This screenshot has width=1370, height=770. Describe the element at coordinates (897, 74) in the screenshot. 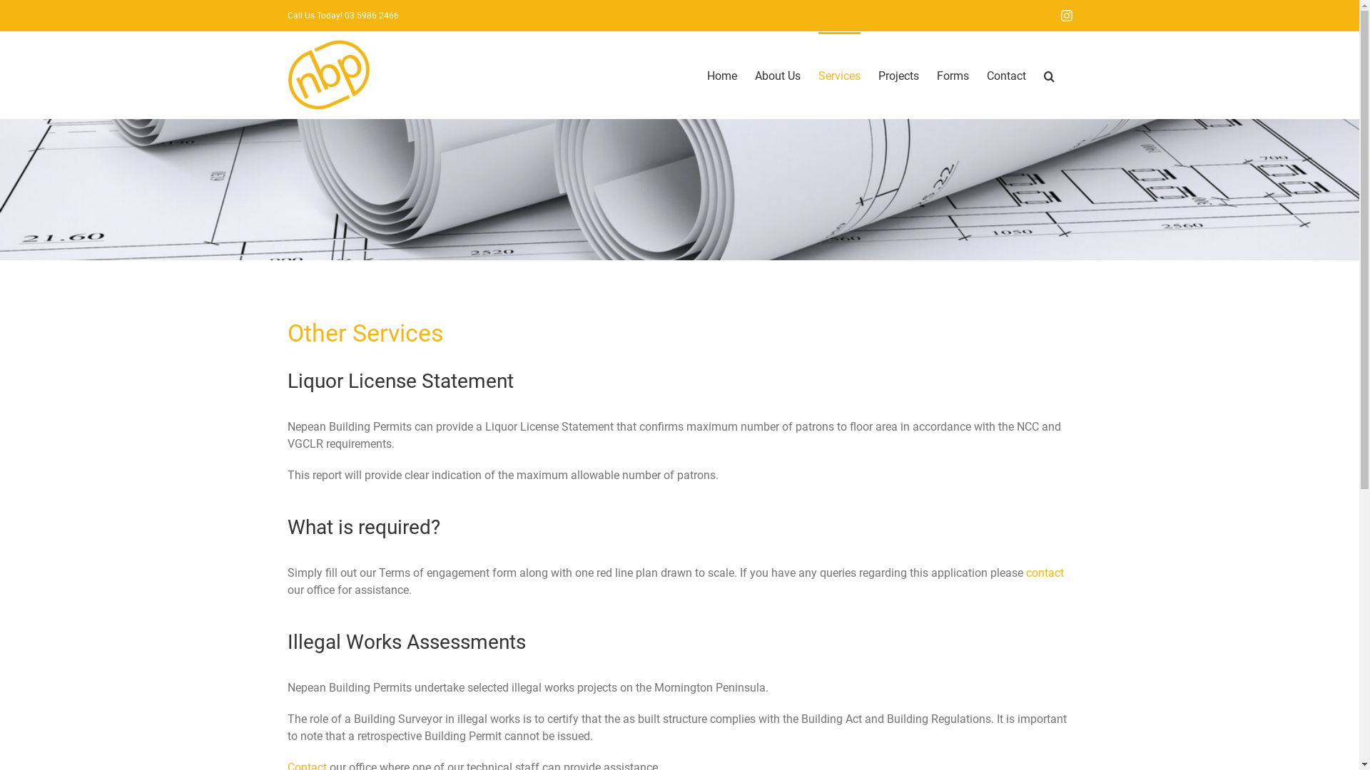

I see `'Projects'` at that location.